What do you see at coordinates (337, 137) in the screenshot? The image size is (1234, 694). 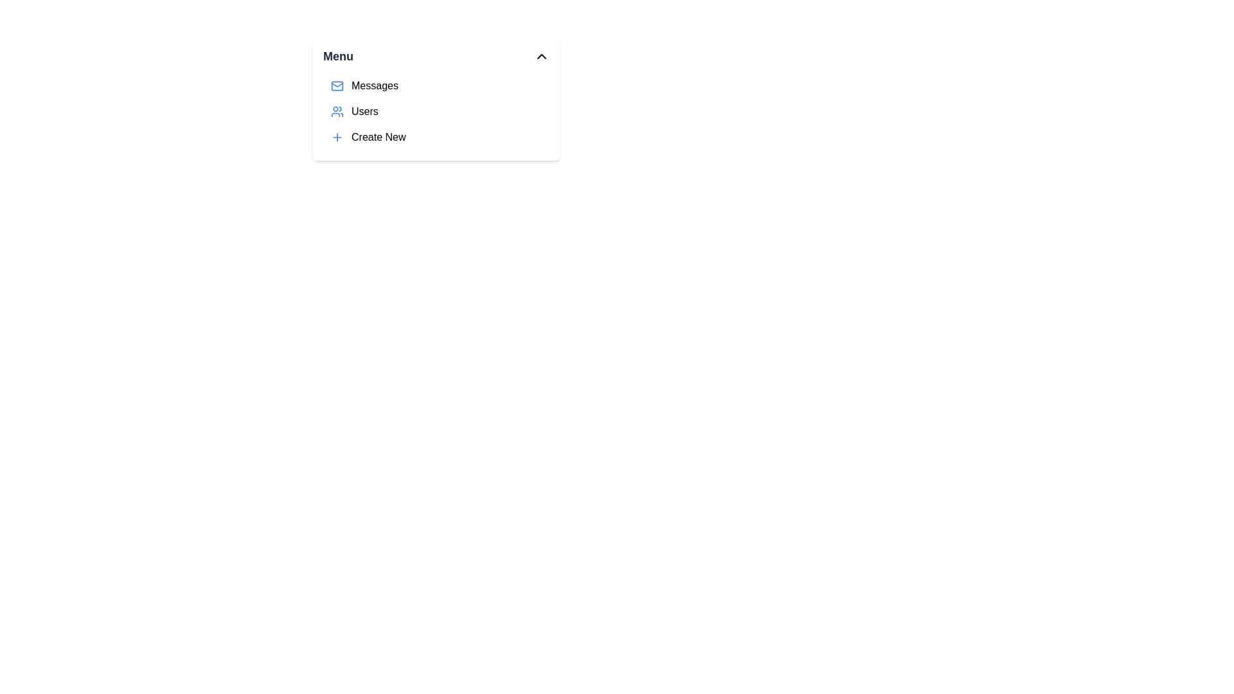 I see `the icon that signifies the action to create a new item, located immediately before the 'Create New' text label in the menu` at bounding box center [337, 137].